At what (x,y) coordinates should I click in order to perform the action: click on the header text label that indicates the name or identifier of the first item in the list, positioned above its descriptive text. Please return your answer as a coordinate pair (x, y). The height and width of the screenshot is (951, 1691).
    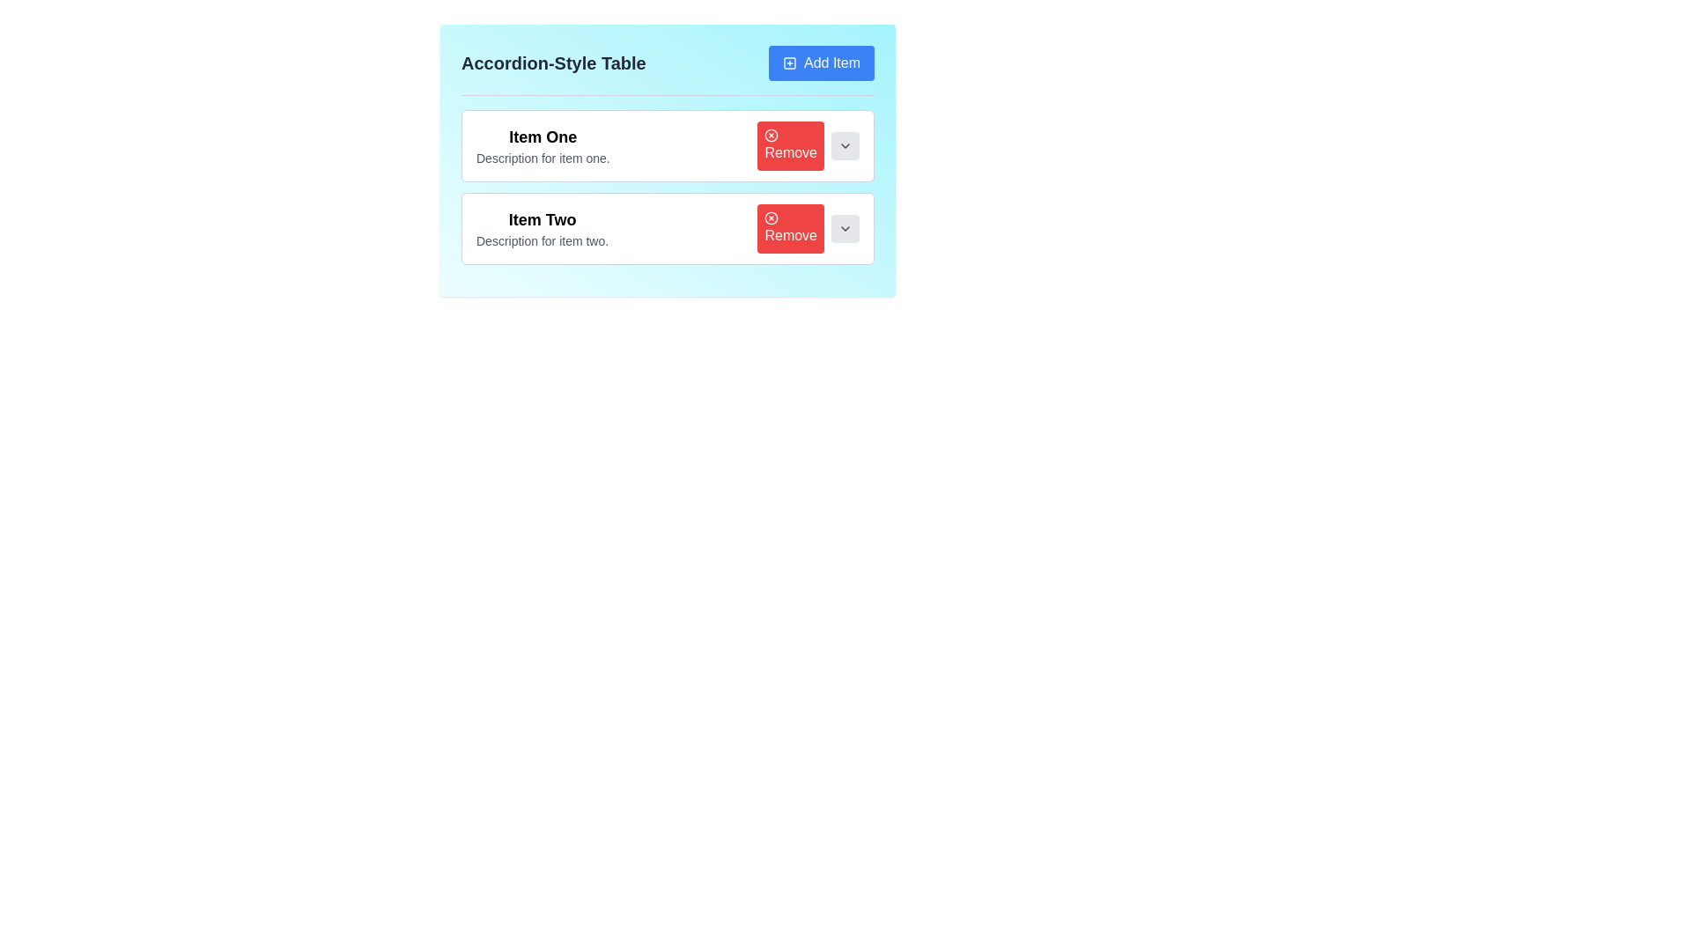
    Looking at the image, I should click on (542, 136).